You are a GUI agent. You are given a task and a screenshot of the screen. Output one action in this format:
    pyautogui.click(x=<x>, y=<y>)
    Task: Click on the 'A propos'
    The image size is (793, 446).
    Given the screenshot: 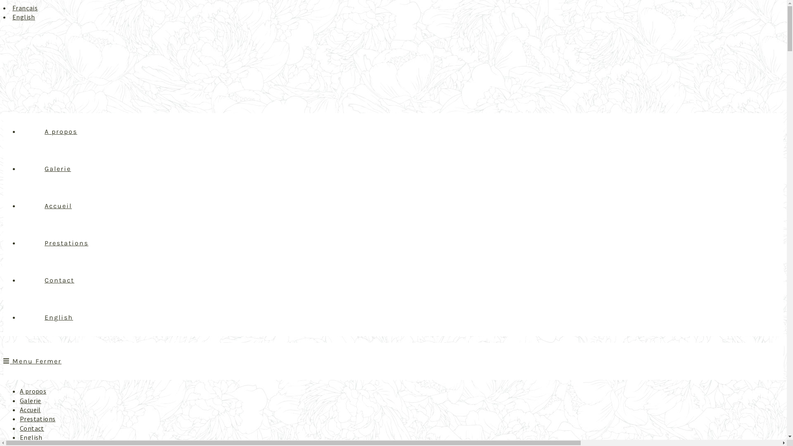 What is the action you would take?
    pyautogui.click(x=60, y=131)
    